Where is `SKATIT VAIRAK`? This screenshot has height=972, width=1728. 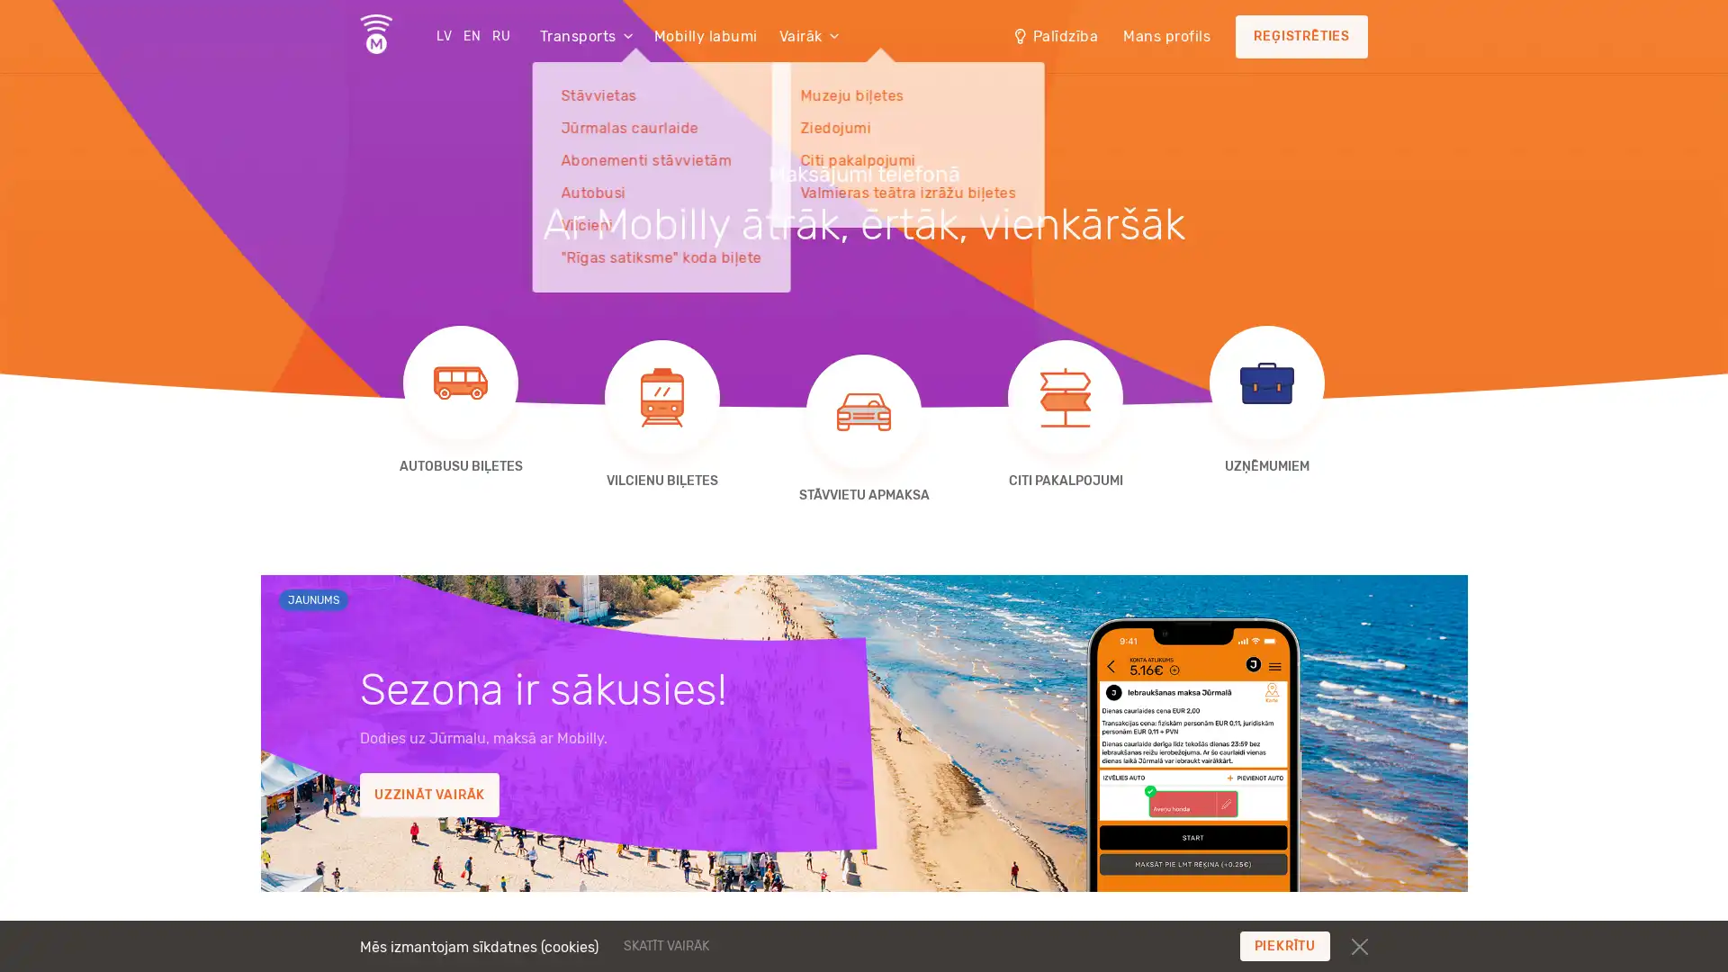
SKATIT VAIRAK is located at coordinates (776, 944).